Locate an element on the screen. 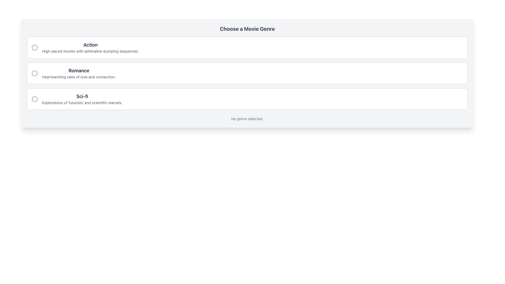  the descriptive text element located beneath the 'Sci-fi' text in the card-like presentation for the Sci-fi movie genre is located at coordinates (82, 103).